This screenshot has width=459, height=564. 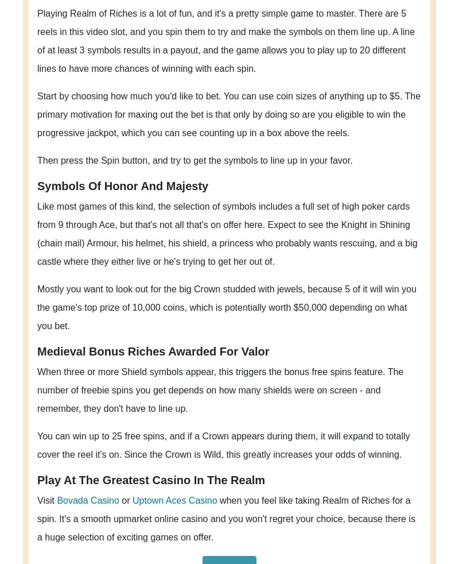 I want to click on 'Bovada Casino', so click(x=90, y=111).